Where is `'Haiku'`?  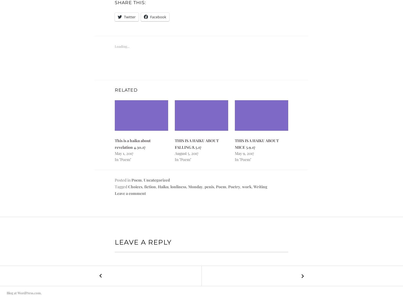 'Haiku' is located at coordinates (163, 186).